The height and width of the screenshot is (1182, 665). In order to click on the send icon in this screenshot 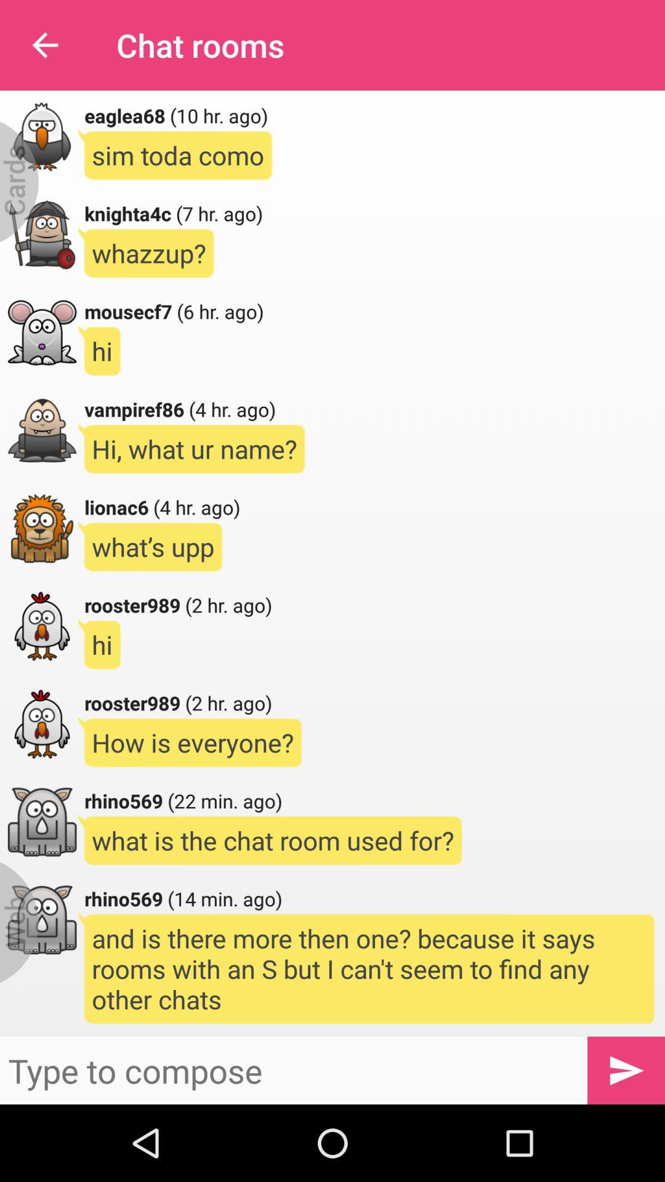, I will do `click(626, 1069)`.